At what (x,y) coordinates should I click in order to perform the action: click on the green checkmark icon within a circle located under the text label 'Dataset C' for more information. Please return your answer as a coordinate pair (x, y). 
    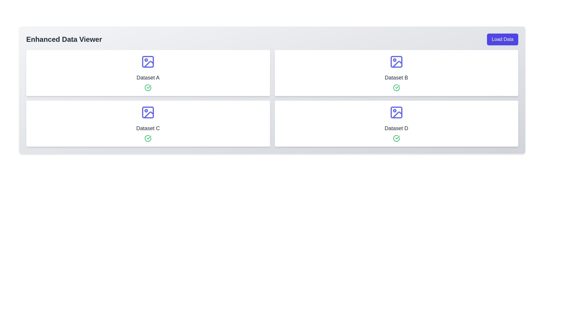
    Looking at the image, I should click on (148, 138).